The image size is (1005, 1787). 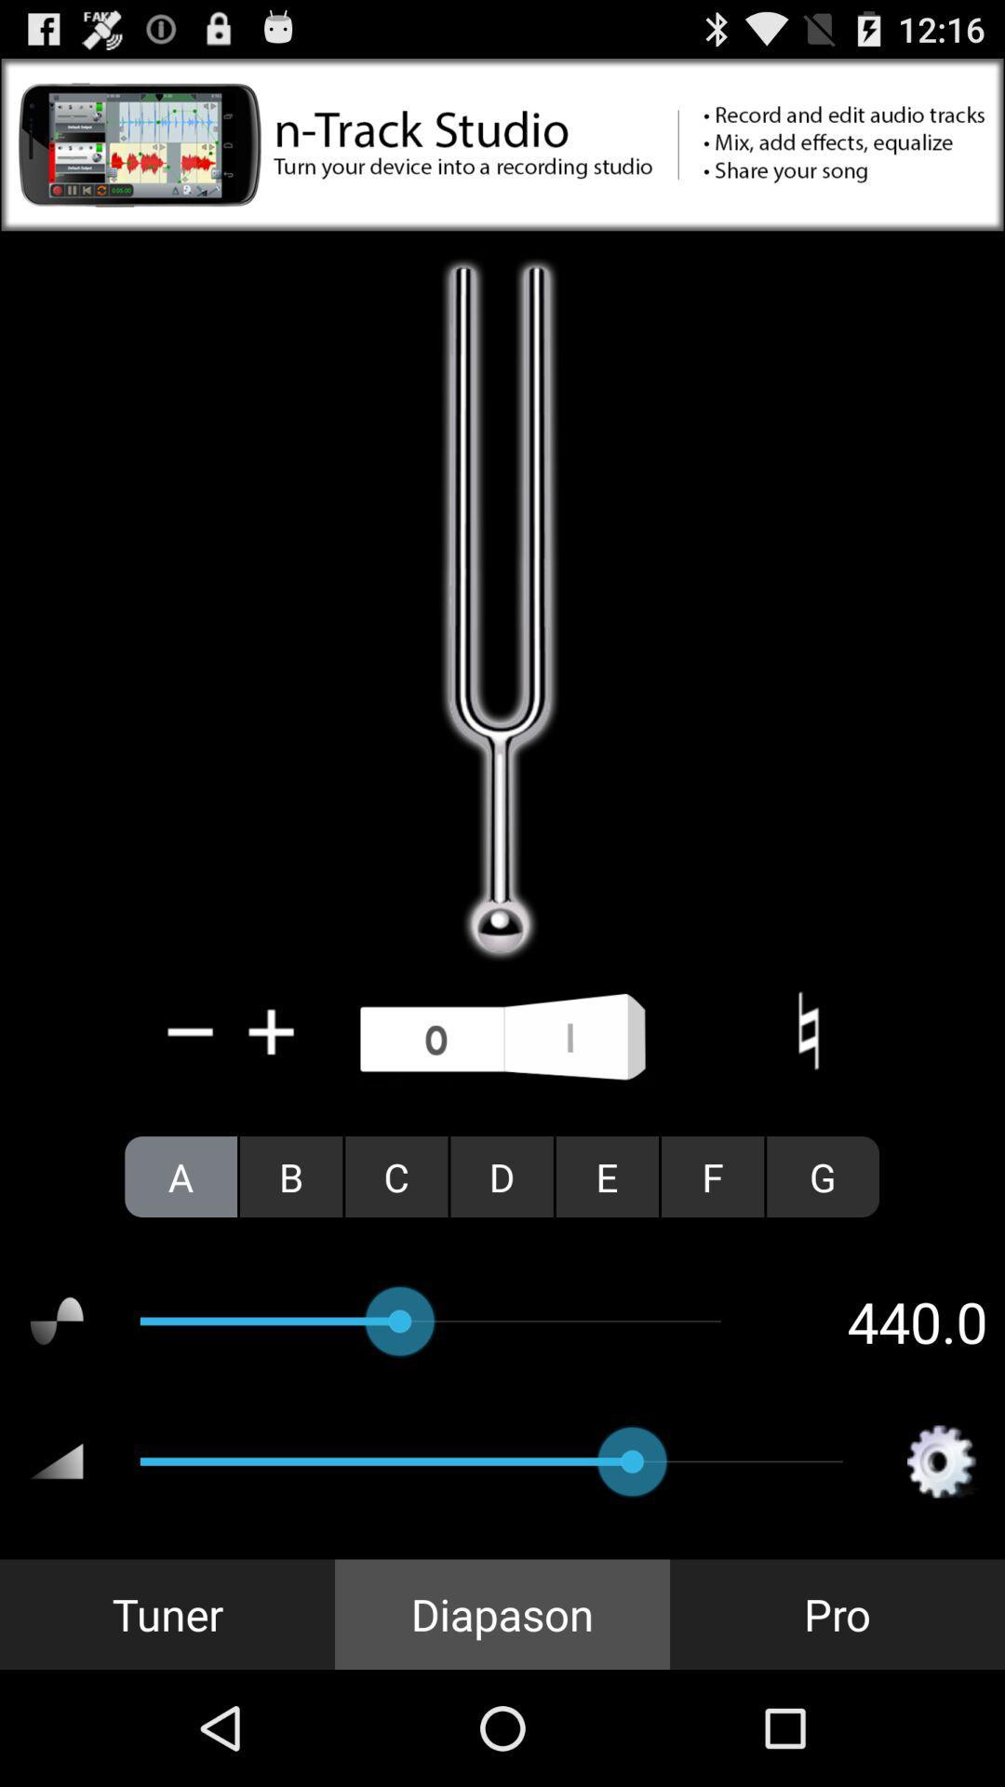 I want to click on increase/more, so click(x=272, y=1030).